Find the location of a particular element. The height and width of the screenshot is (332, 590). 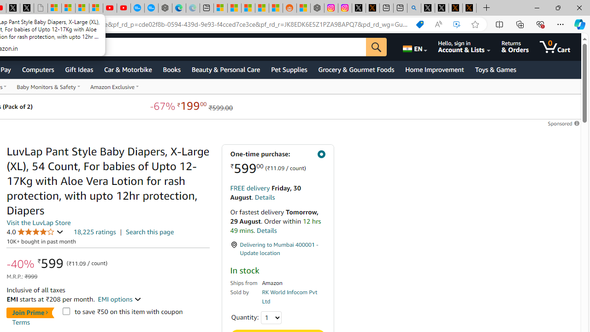

'Shanghai, China Weather trends | Microsoft Weather' is located at coordinates (275, 8).